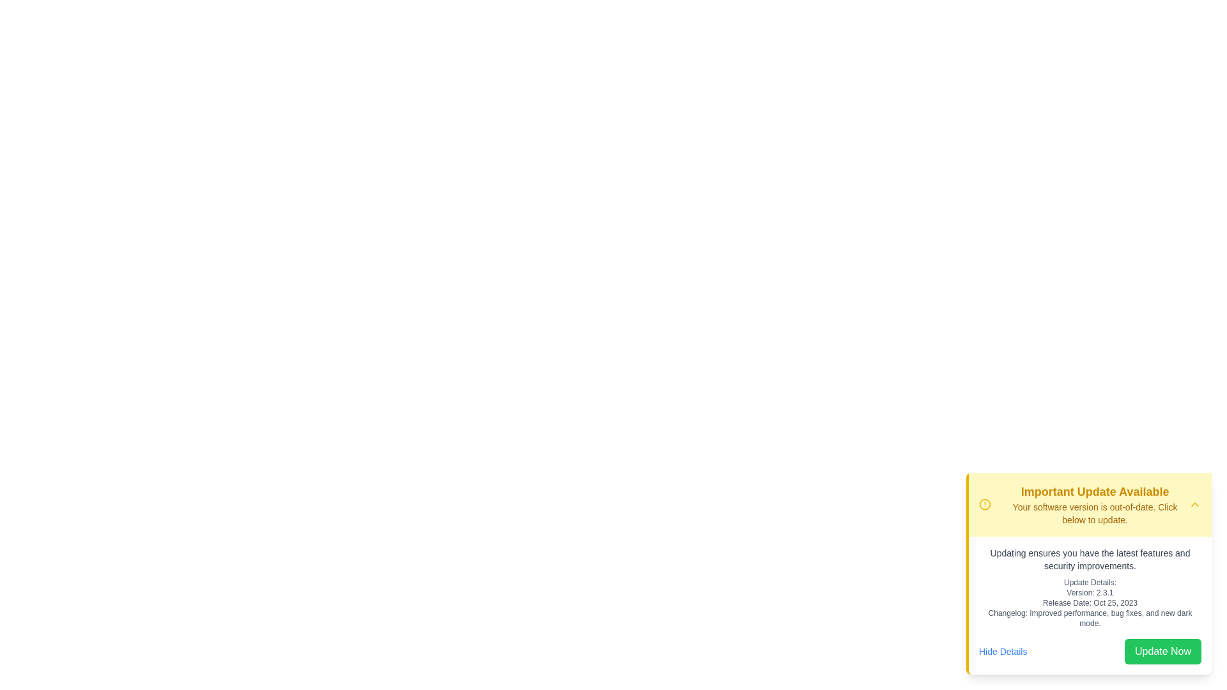  I want to click on the label that serves as introductory text for the update information details section located near the top of the update information block, so click(1089, 582).